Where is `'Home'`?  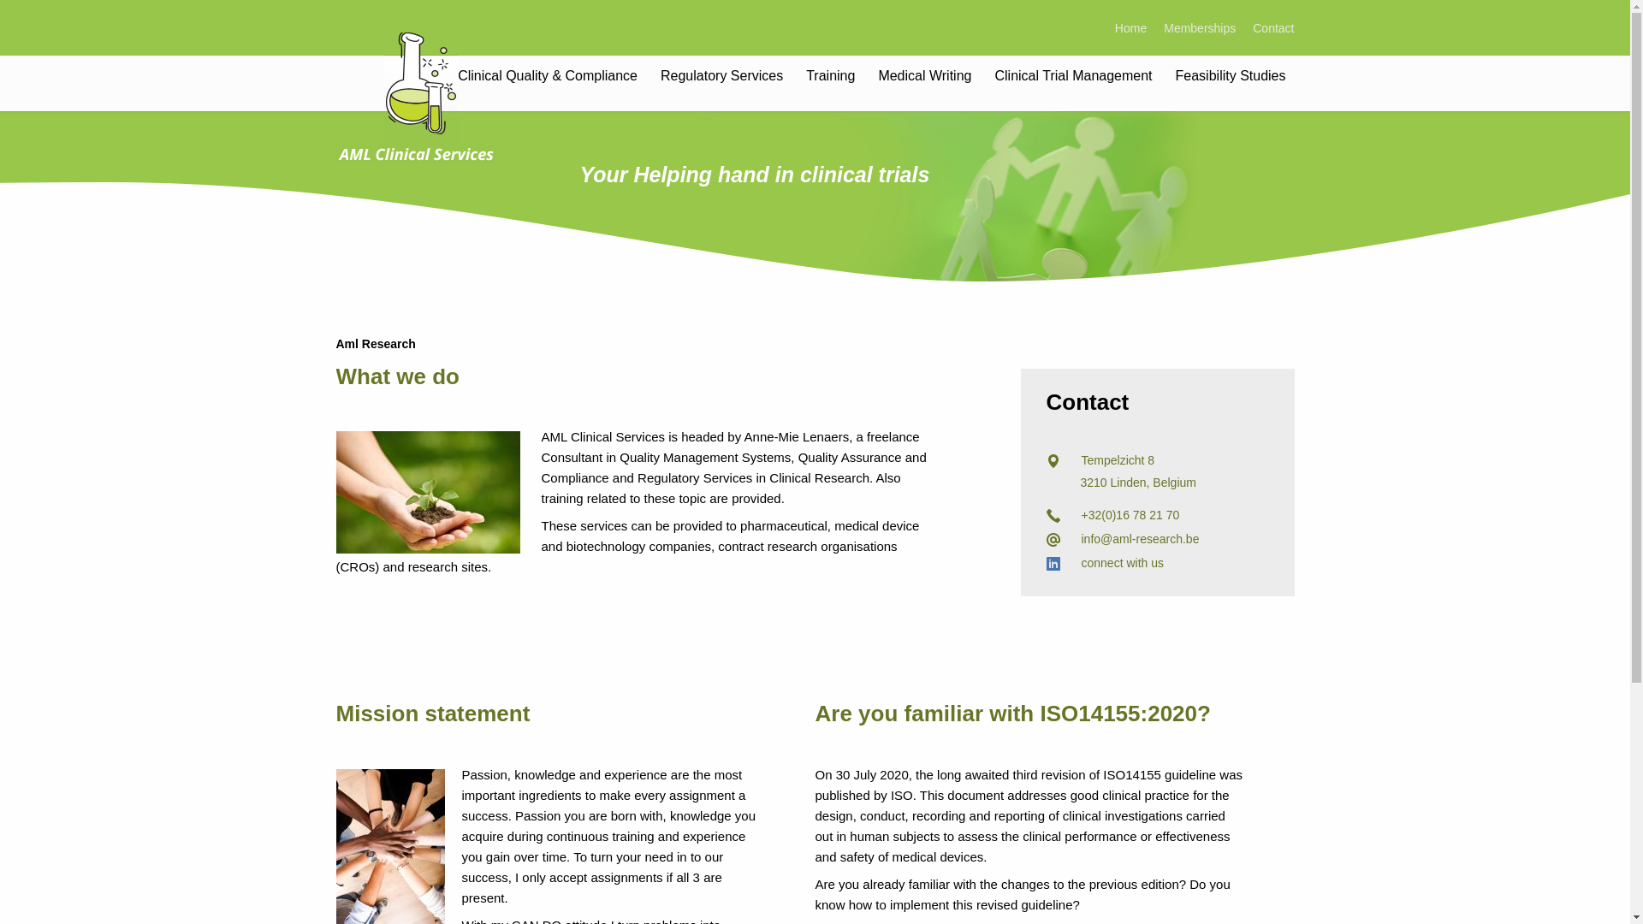 'Home' is located at coordinates (1122, 28).